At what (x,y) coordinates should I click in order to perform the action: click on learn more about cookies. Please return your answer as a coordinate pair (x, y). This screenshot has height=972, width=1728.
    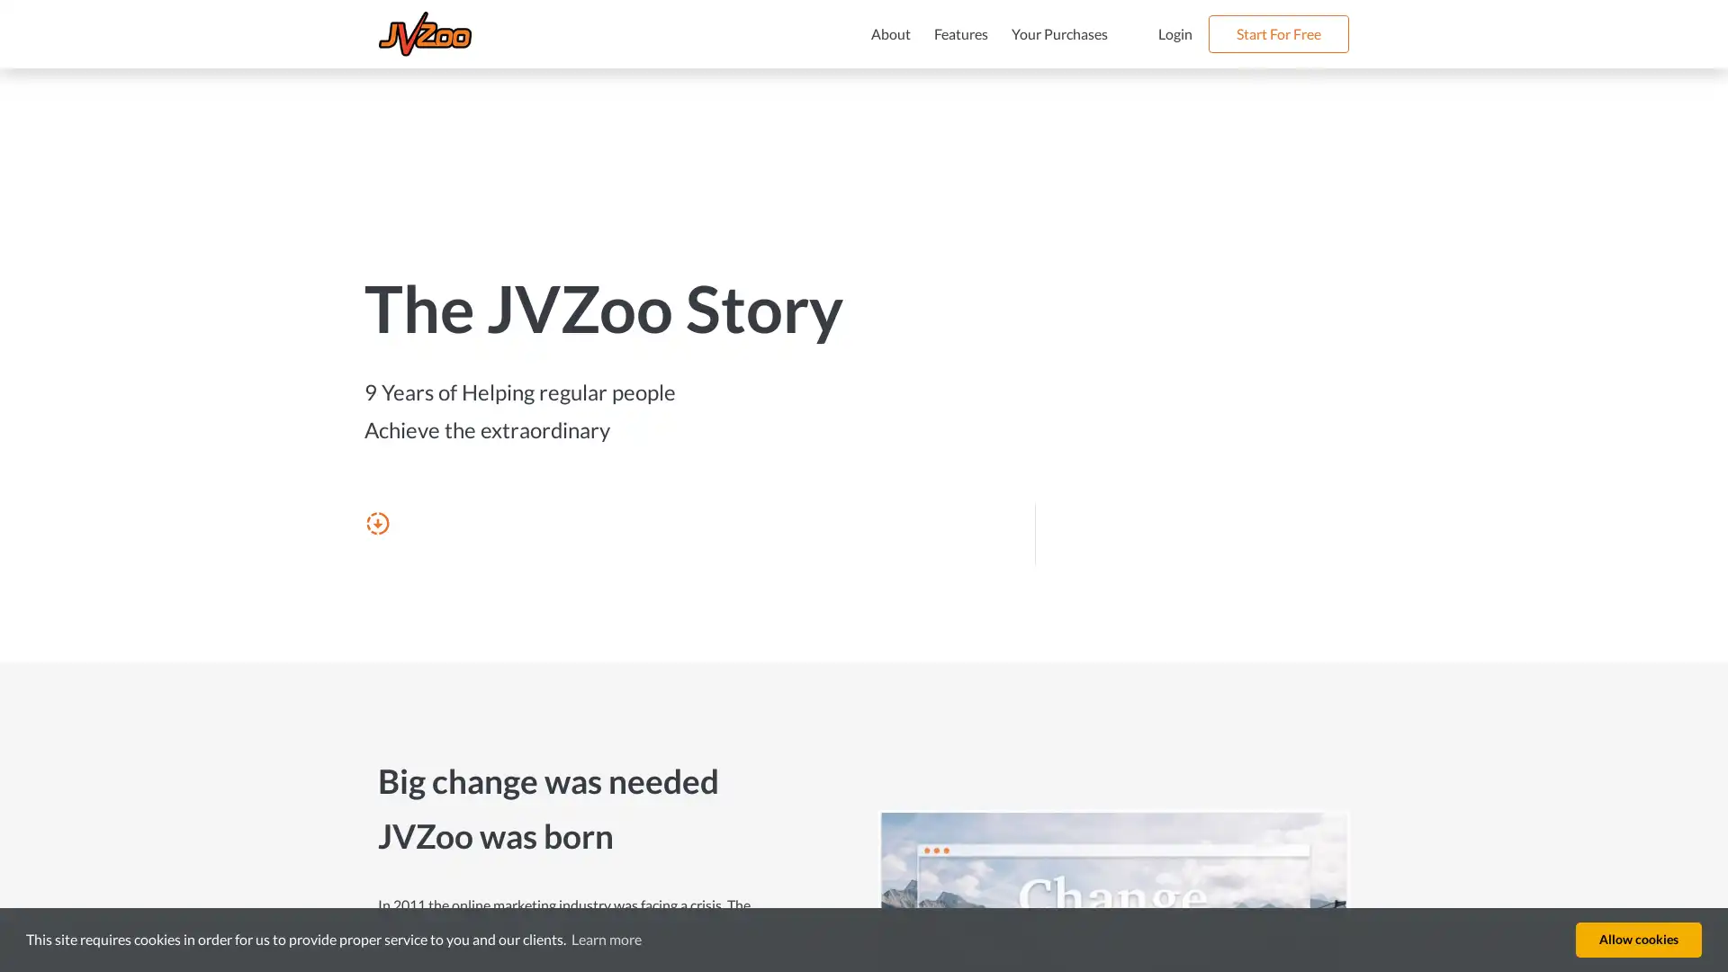
    Looking at the image, I should click on (606, 939).